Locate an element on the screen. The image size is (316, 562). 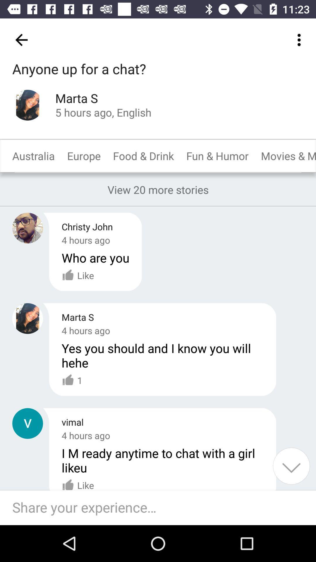
scroll down is located at coordinates (291, 466).